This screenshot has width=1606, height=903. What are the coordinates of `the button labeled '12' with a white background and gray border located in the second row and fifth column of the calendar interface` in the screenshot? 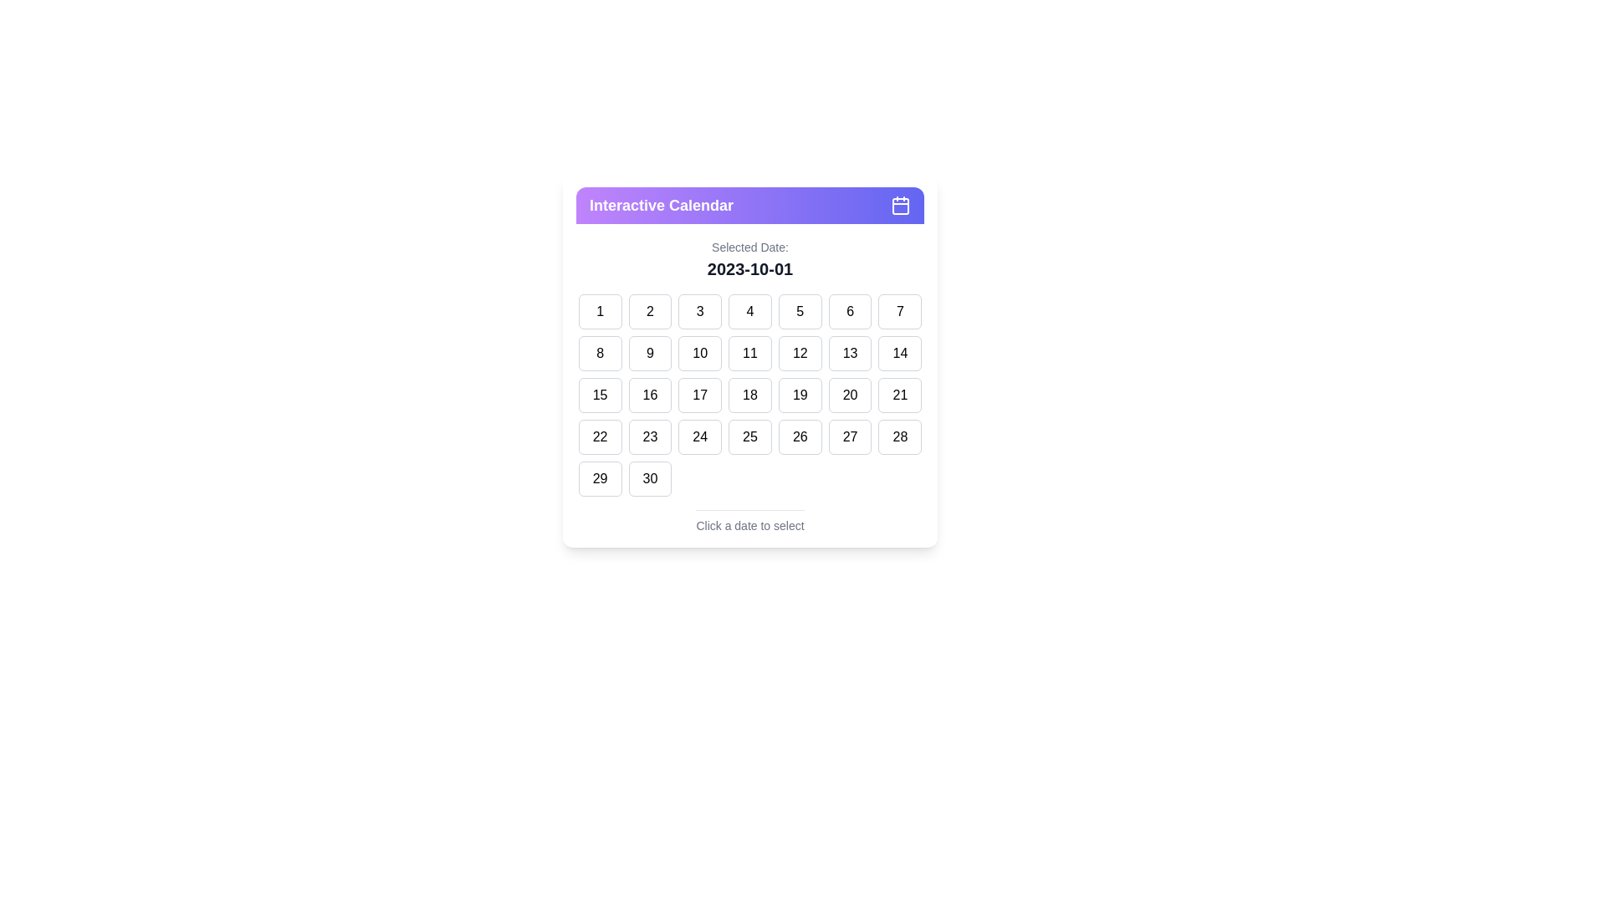 It's located at (799, 353).